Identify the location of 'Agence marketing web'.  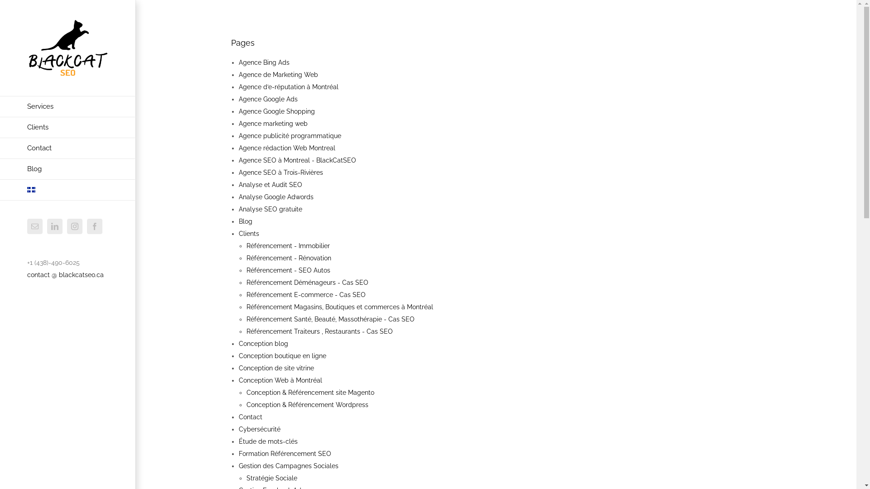
(273, 124).